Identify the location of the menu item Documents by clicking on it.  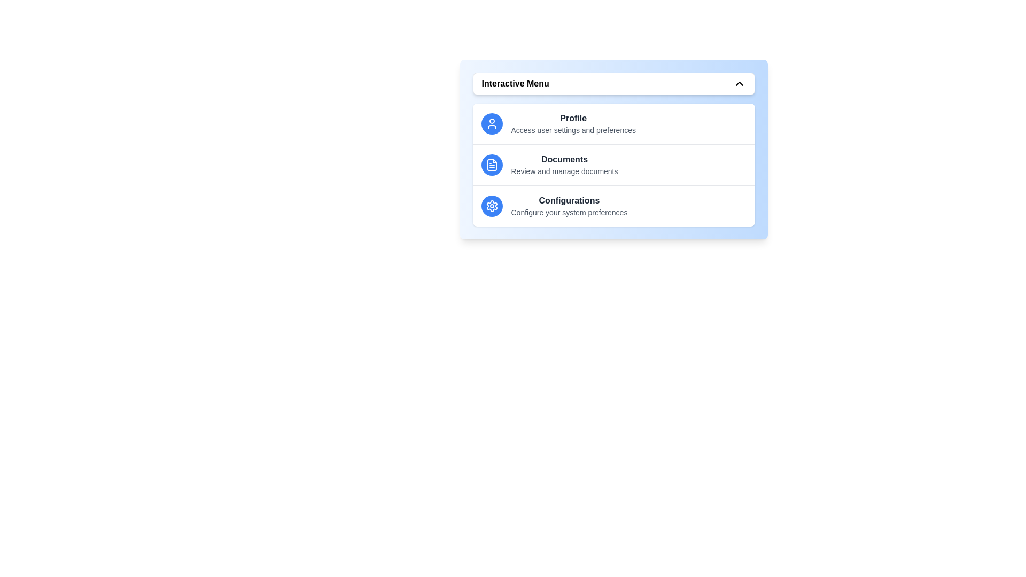
(613, 165).